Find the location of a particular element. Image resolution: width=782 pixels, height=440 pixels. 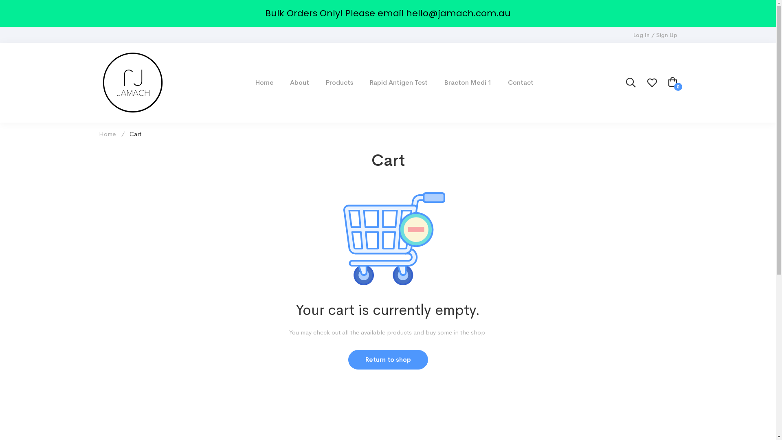

'Products' is located at coordinates (317, 83).